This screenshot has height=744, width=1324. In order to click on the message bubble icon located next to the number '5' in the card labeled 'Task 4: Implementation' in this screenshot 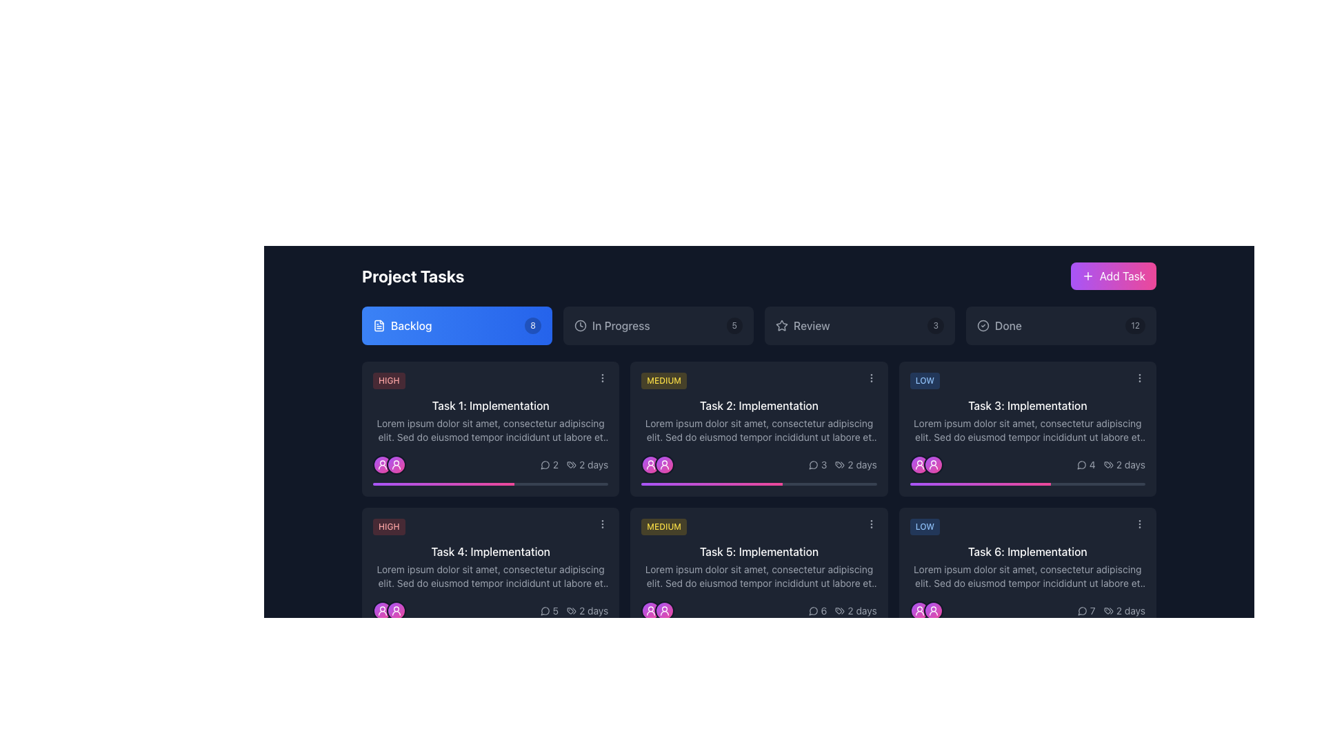, I will do `click(544, 610)`.